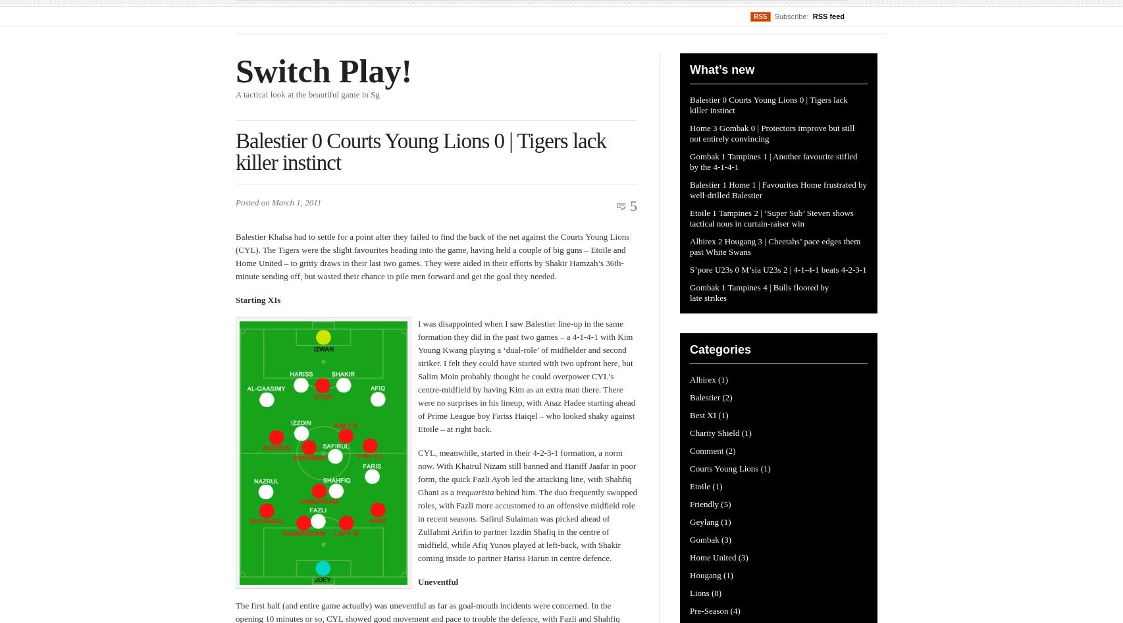 The height and width of the screenshot is (623, 1123). What do you see at coordinates (235, 256) in the screenshot?
I see `'Balestier Khalsa had to settle for a point after they failed to find the back of the net against the Courts Young Lions (CYL). The Tigers were the slight favourites heading into the game, having held a couple of big guns – Etoile and Home United – to gritty draws in their last two games. They were aided in their efforts by Shakir Hamzah’s 36th-minute sending off, but wasted their chance to pile men forward and get the goal they needed.'` at bounding box center [235, 256].